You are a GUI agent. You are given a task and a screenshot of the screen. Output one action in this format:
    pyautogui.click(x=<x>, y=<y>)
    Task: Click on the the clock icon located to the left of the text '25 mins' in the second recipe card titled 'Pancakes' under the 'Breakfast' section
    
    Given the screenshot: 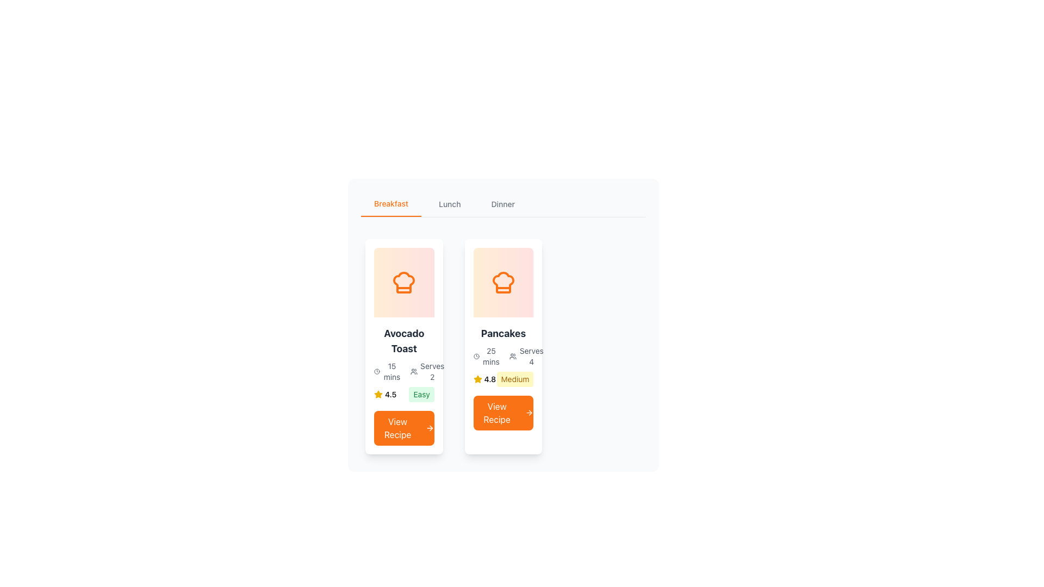 What is the action you would take?
    pyautogui.click(x=476, y=356)
    